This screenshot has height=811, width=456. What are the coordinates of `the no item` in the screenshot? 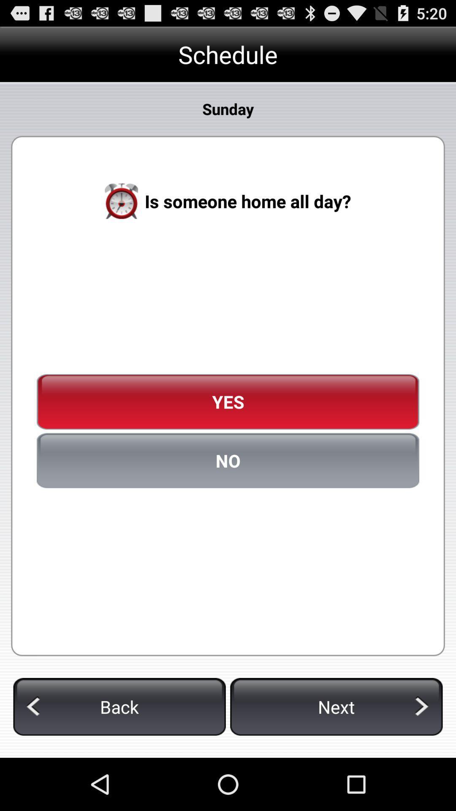 It's located at (228, 460).